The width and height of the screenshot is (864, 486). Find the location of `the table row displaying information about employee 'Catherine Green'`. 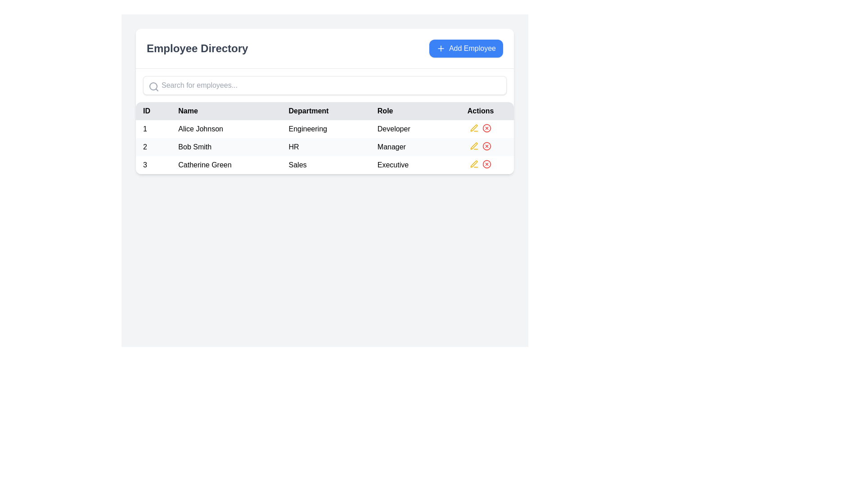

the table row displaying information about employee 'Catherine Green' is located at coordinates (324, 165).